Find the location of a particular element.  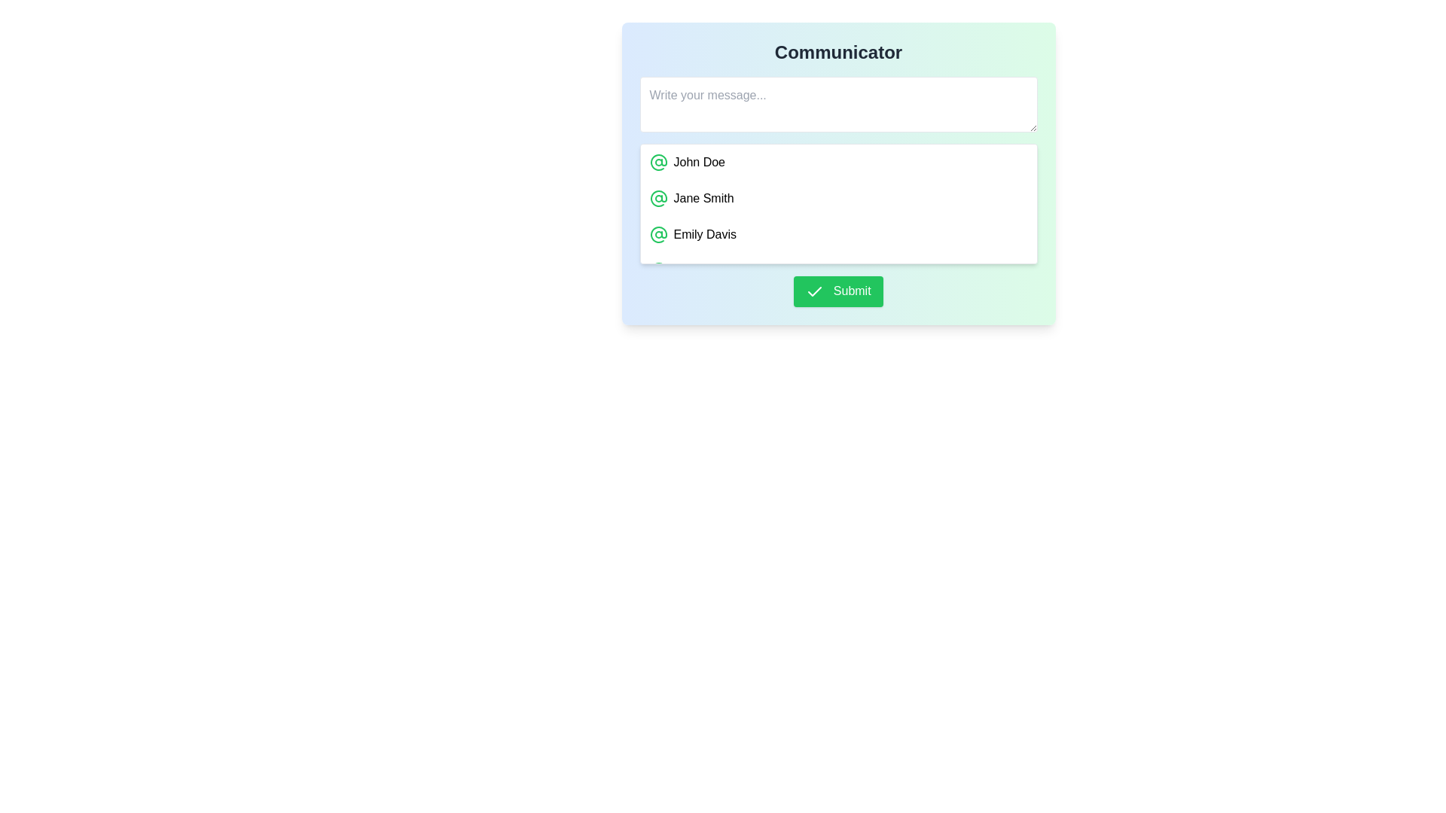

the checkmark icon within the 'Submit' button at the bottom of the interface to visually reinforce the confirmation action is located at coordinates (814, 291).